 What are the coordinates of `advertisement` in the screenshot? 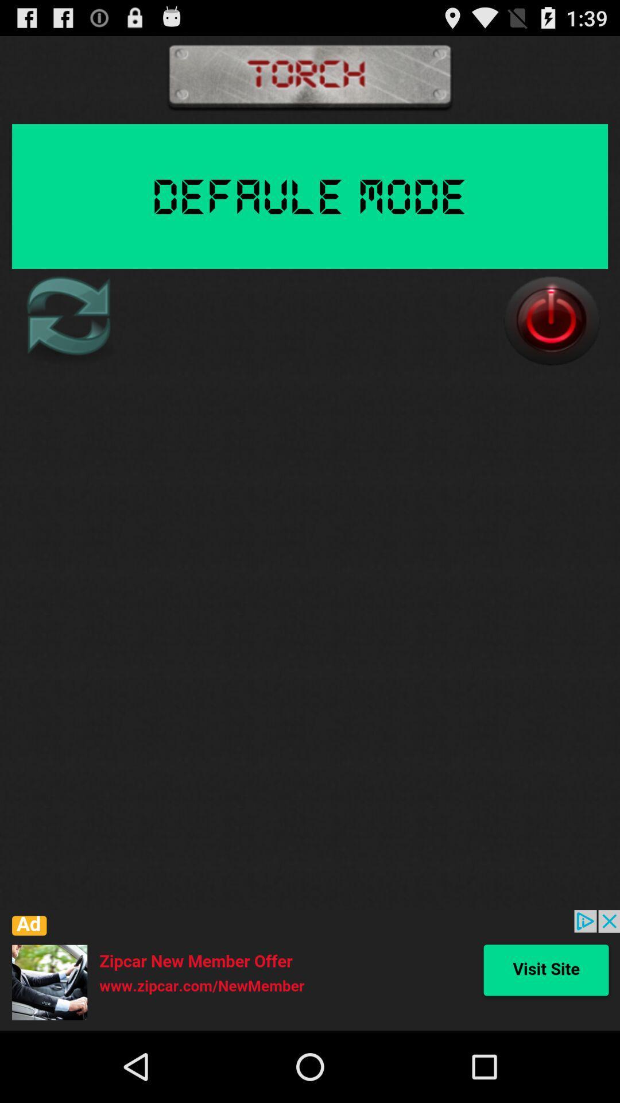 It's located at (310, 970).